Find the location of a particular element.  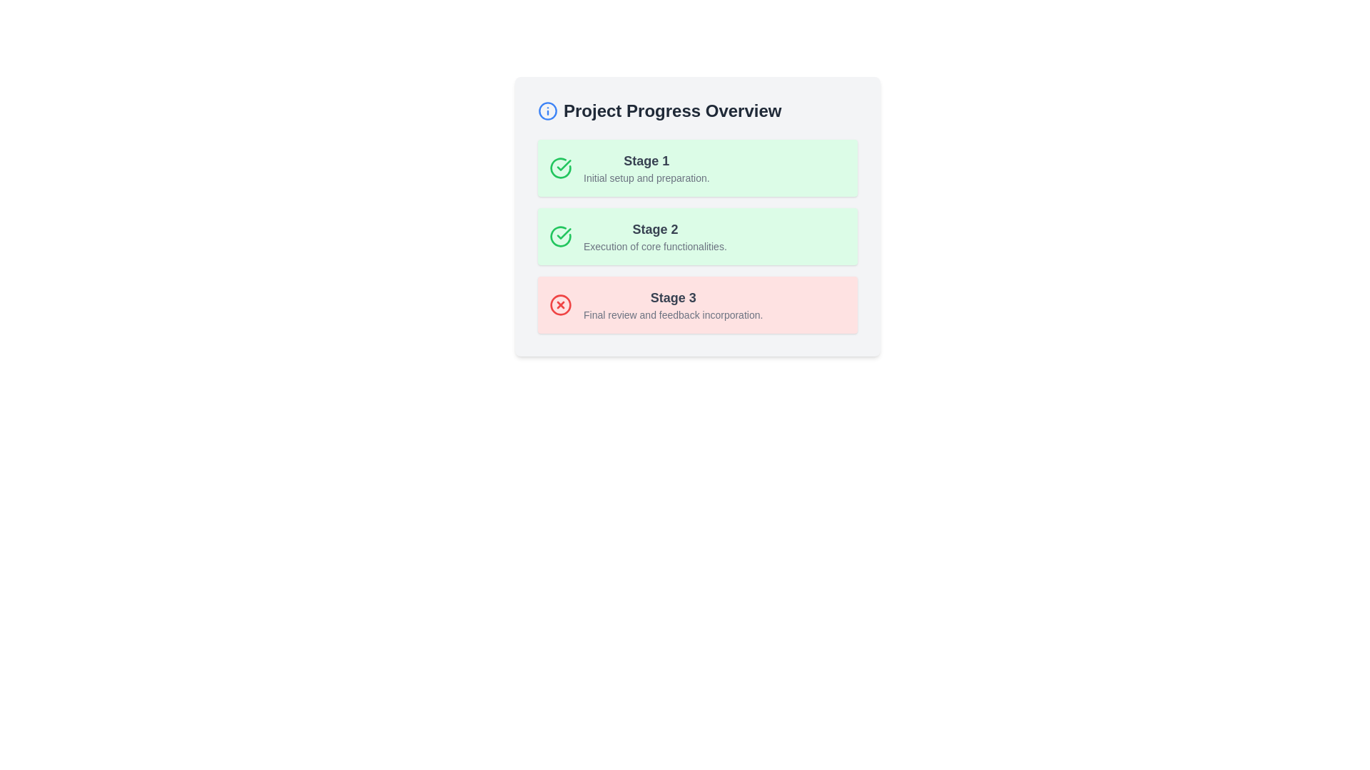

the green circular icon with a checkmark located to the left of the text 'Stage 2 Execution of core functionalities' in the 'Project Progress Overview' section is located at coordinates (560, 235).